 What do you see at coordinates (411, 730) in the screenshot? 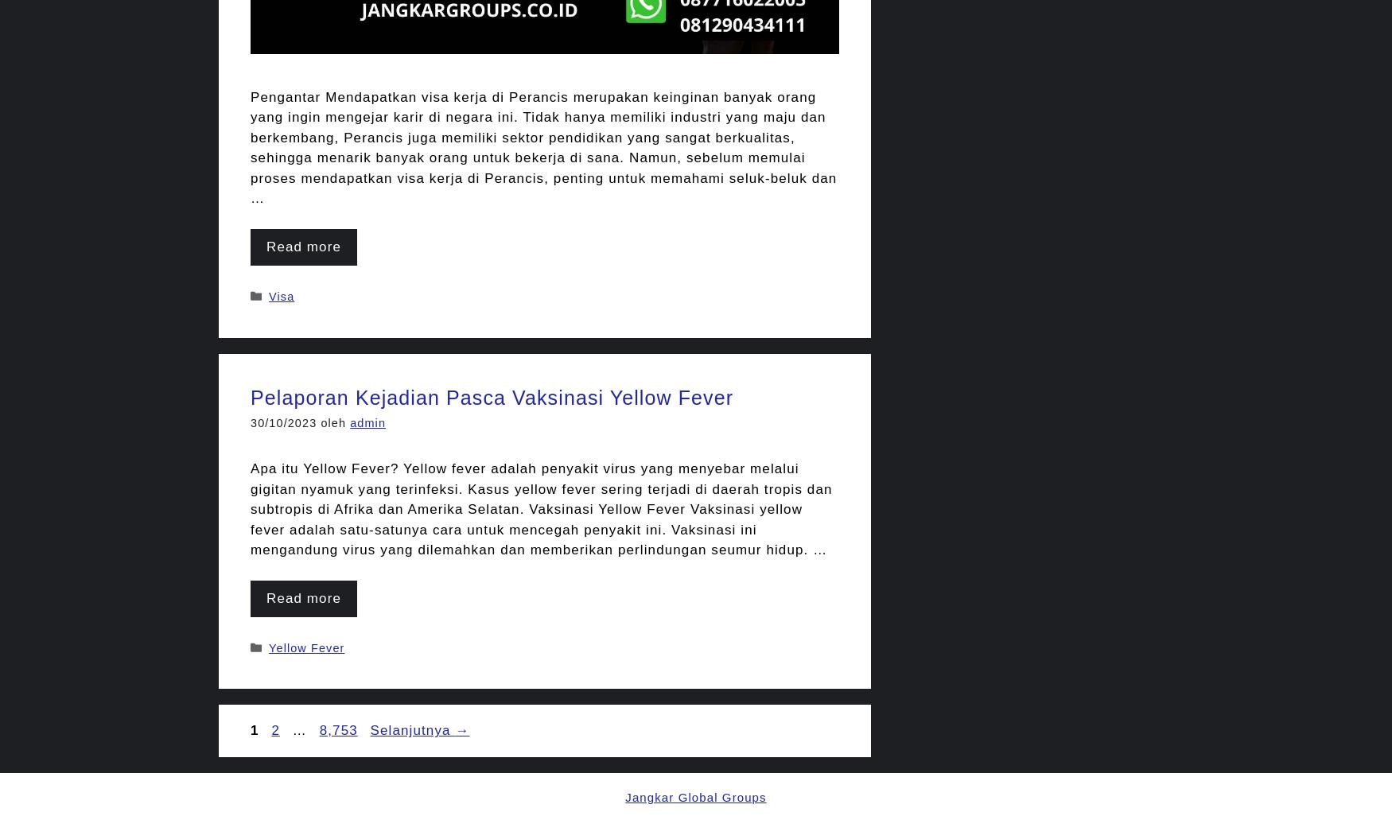
I see `'Selanjutnya'` at bounding box center [411, 730].